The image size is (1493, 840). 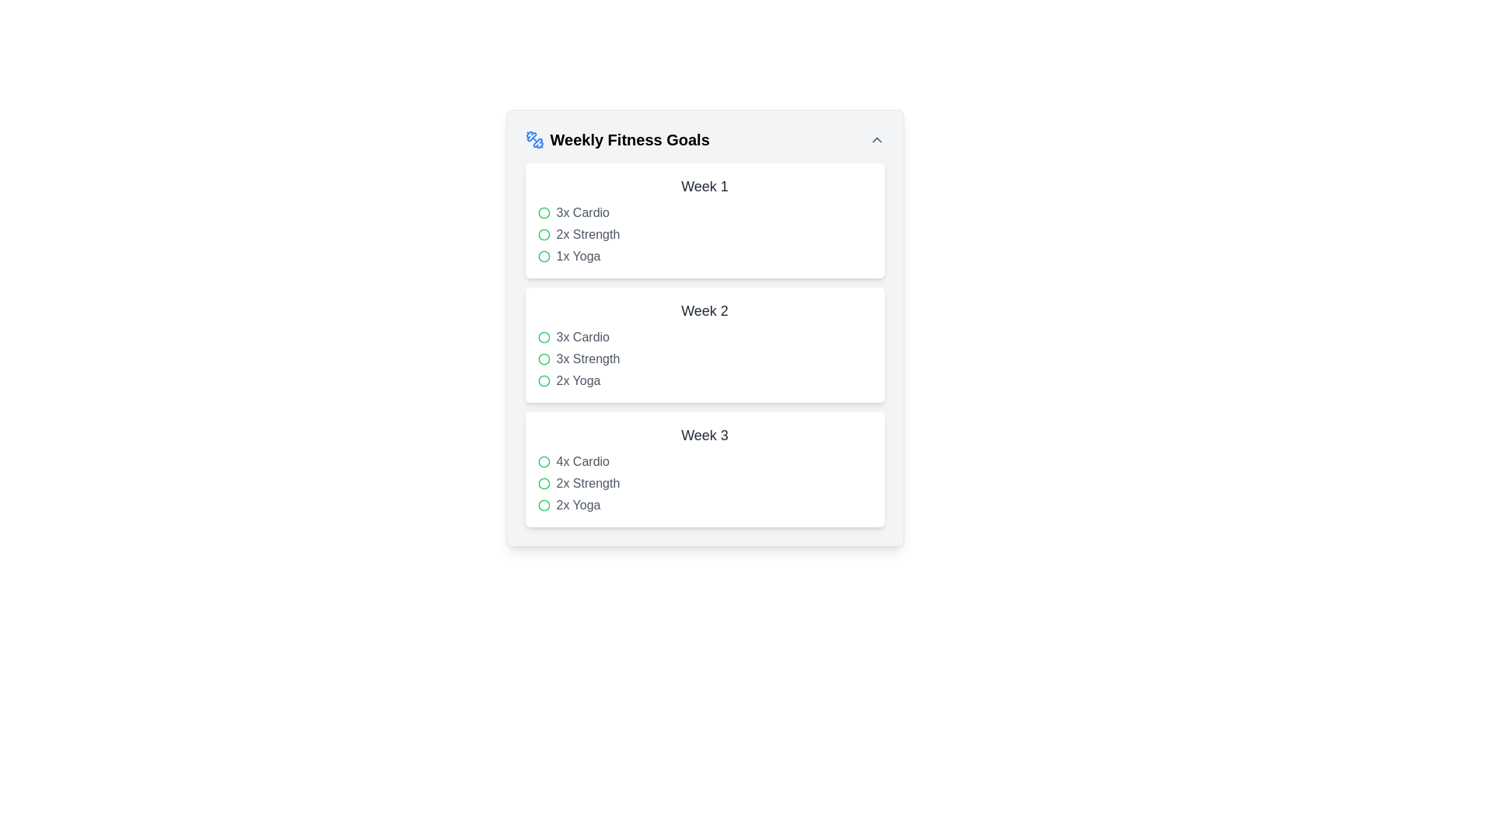 What do you see at coordinates (544, 482) in the screenshot?
I see `the SVG Circle Icon representing the status of the '4x Cardio' goal in the 'Week 3' section of the 'Weekly Fitness Goals' checklist` at bounding box center [544, 482].